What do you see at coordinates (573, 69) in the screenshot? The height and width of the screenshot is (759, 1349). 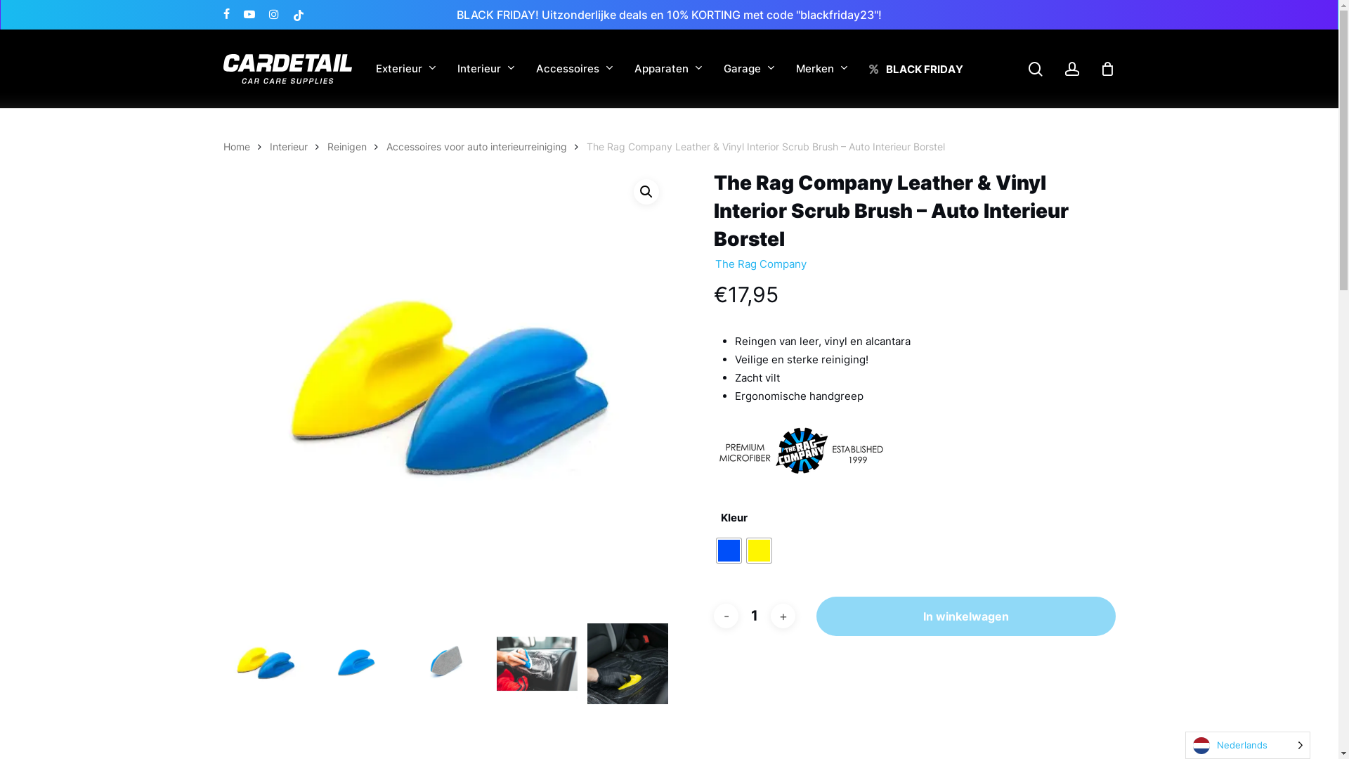 I see `'Accessoires'` at bounding box center [573, 69].